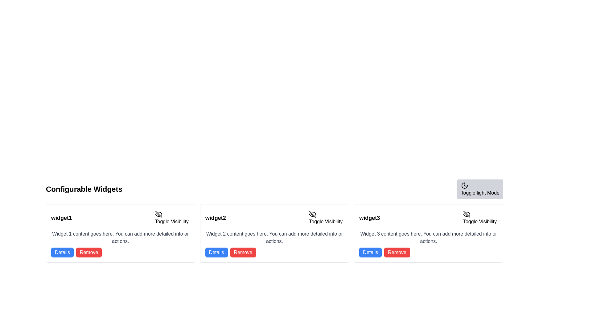 The height and width of the screenshot is (333, 592). Describe the element at coordinates (158, 214) in the screenshot. I see `the eye-shaped icon with a diagonal line crossing it, located in the first widget under the label 'Toggle Visibility'` at that location.